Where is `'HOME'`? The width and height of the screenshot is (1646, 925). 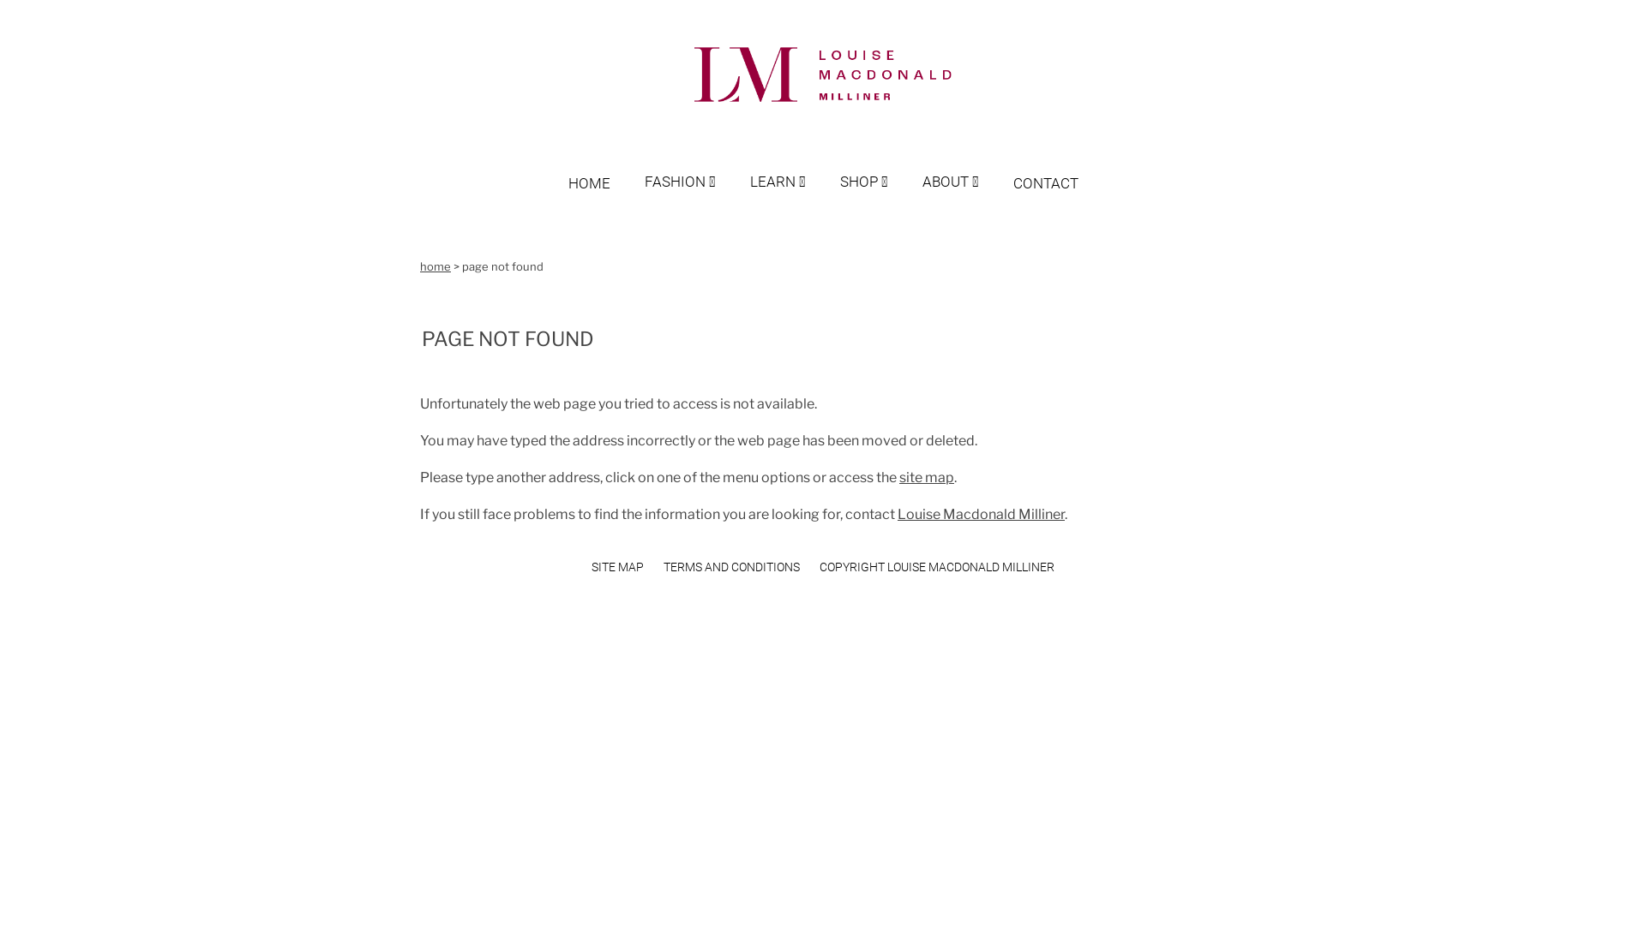
'HOME' is located at coordinates (605, 166).